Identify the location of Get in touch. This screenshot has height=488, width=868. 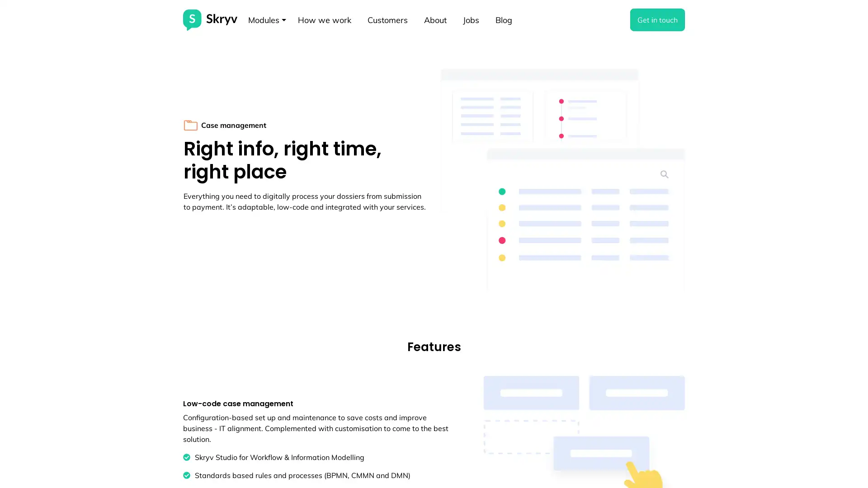
(657, 19).